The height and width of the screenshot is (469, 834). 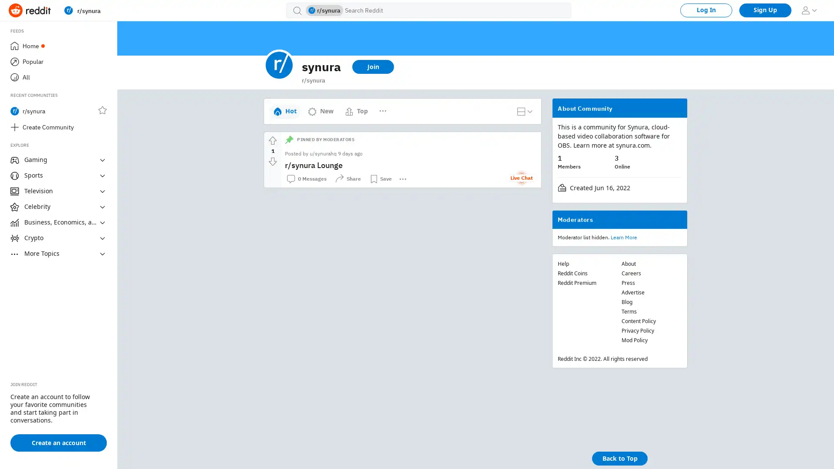 I want to click on Top, so click(x=356, y=110).